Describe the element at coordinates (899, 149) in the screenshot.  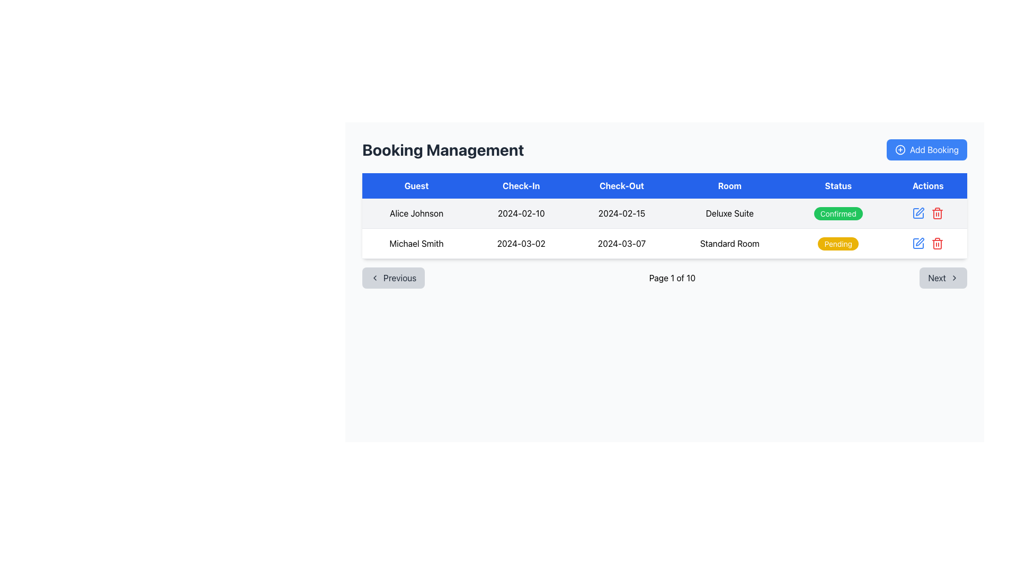
I see `the blue circular outline icon with a 10-pixel radius located within the 'Add Booking' button in the top-right corner of the interface` at that location.